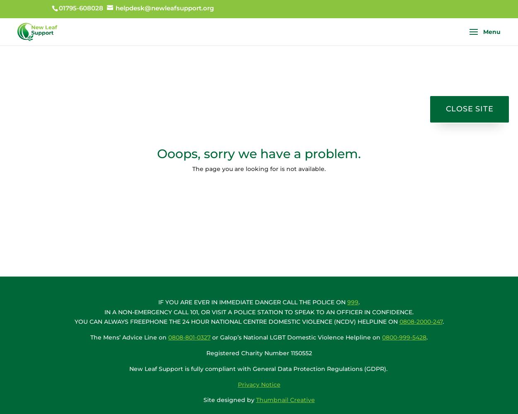 The width and height of the screenshot is (518, 414). Describe the element at coordinates (258, 368) in the screenshot. I see `'New Leaf Support is fully compliant with General Data Protection Regulations (GDPR).'` at that location.